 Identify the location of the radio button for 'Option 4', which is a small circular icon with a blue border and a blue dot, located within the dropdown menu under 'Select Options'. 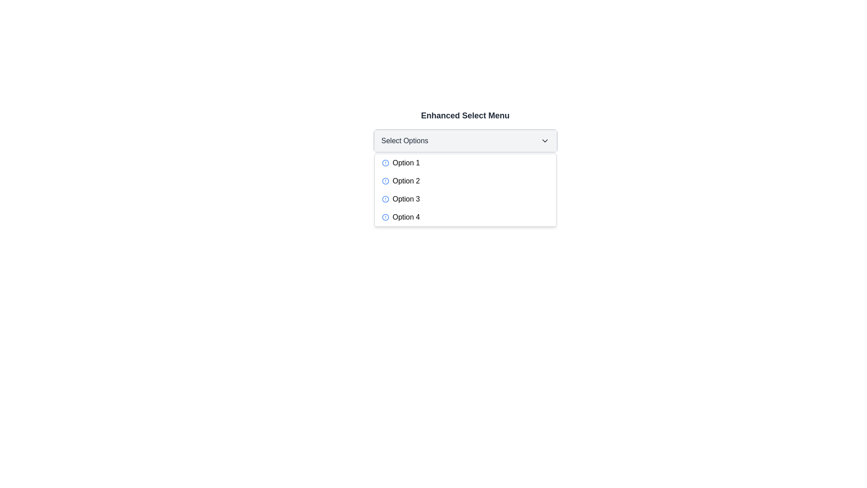
(385, 217).